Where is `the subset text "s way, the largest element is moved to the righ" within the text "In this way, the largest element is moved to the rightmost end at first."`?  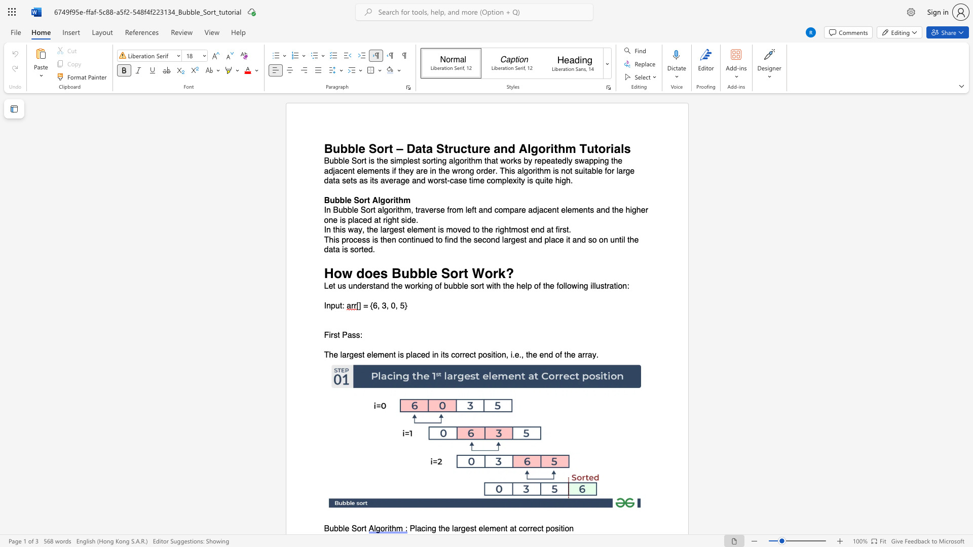
the subset text "s way, the largest element is moved to the righ" within the text "In this way, the largest element is moved to the rightmost end at first." is located at coordinates (342, 230).